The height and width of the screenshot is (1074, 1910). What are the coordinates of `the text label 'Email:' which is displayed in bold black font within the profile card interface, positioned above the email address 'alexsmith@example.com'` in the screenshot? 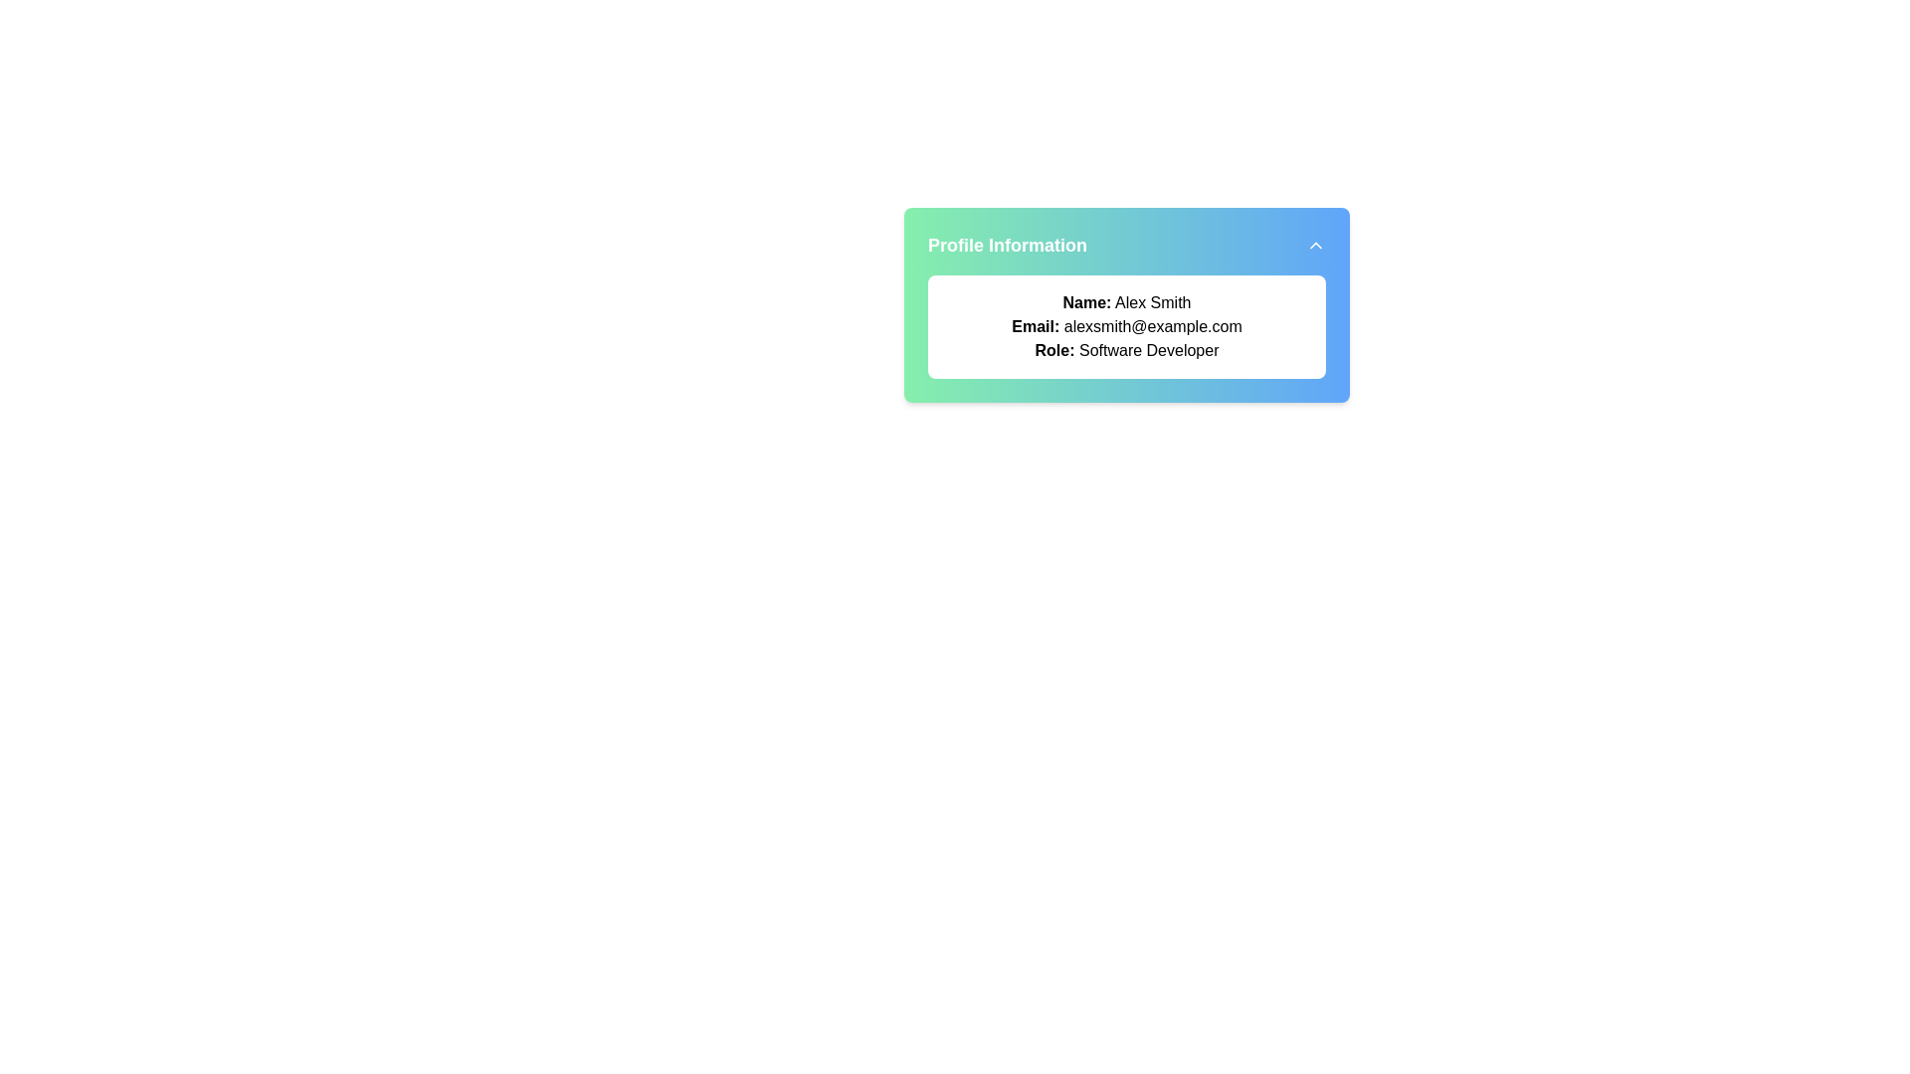 It's located at (1035, 325).